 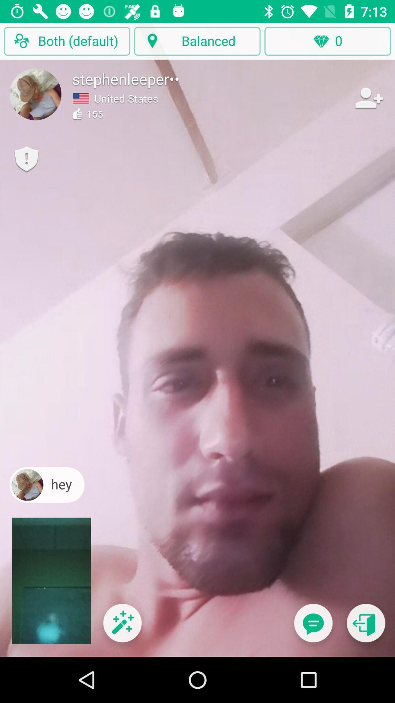 What do you see at coordinates (368, 97) in the screenshot?
I see `the follow icon` at bounding box center [368, 97].